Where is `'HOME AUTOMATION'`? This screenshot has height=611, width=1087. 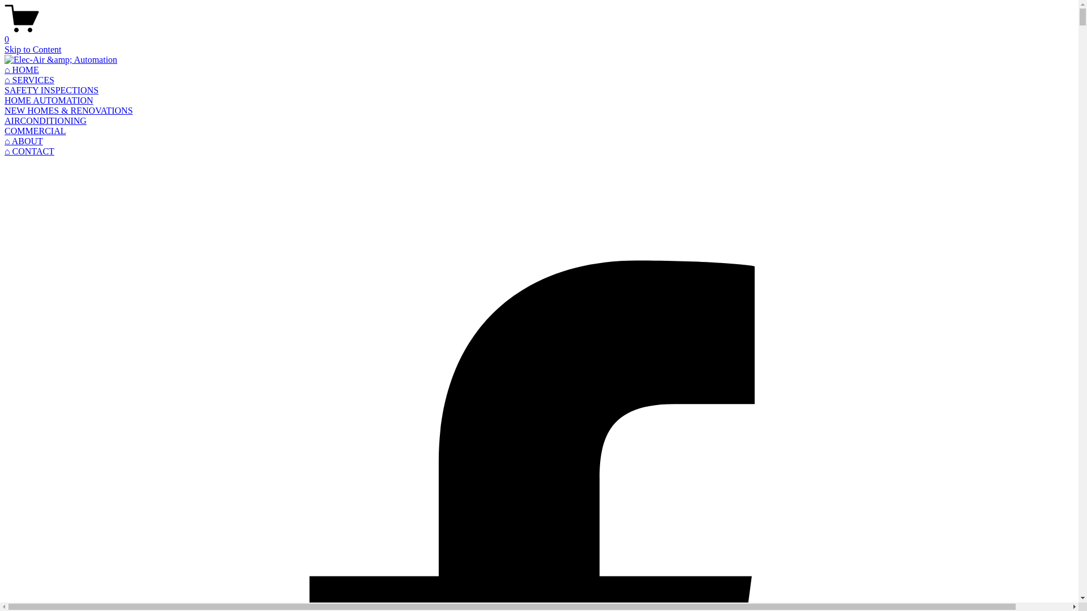
'HOME AUTOMATION' is located at coordinates (48, 100).